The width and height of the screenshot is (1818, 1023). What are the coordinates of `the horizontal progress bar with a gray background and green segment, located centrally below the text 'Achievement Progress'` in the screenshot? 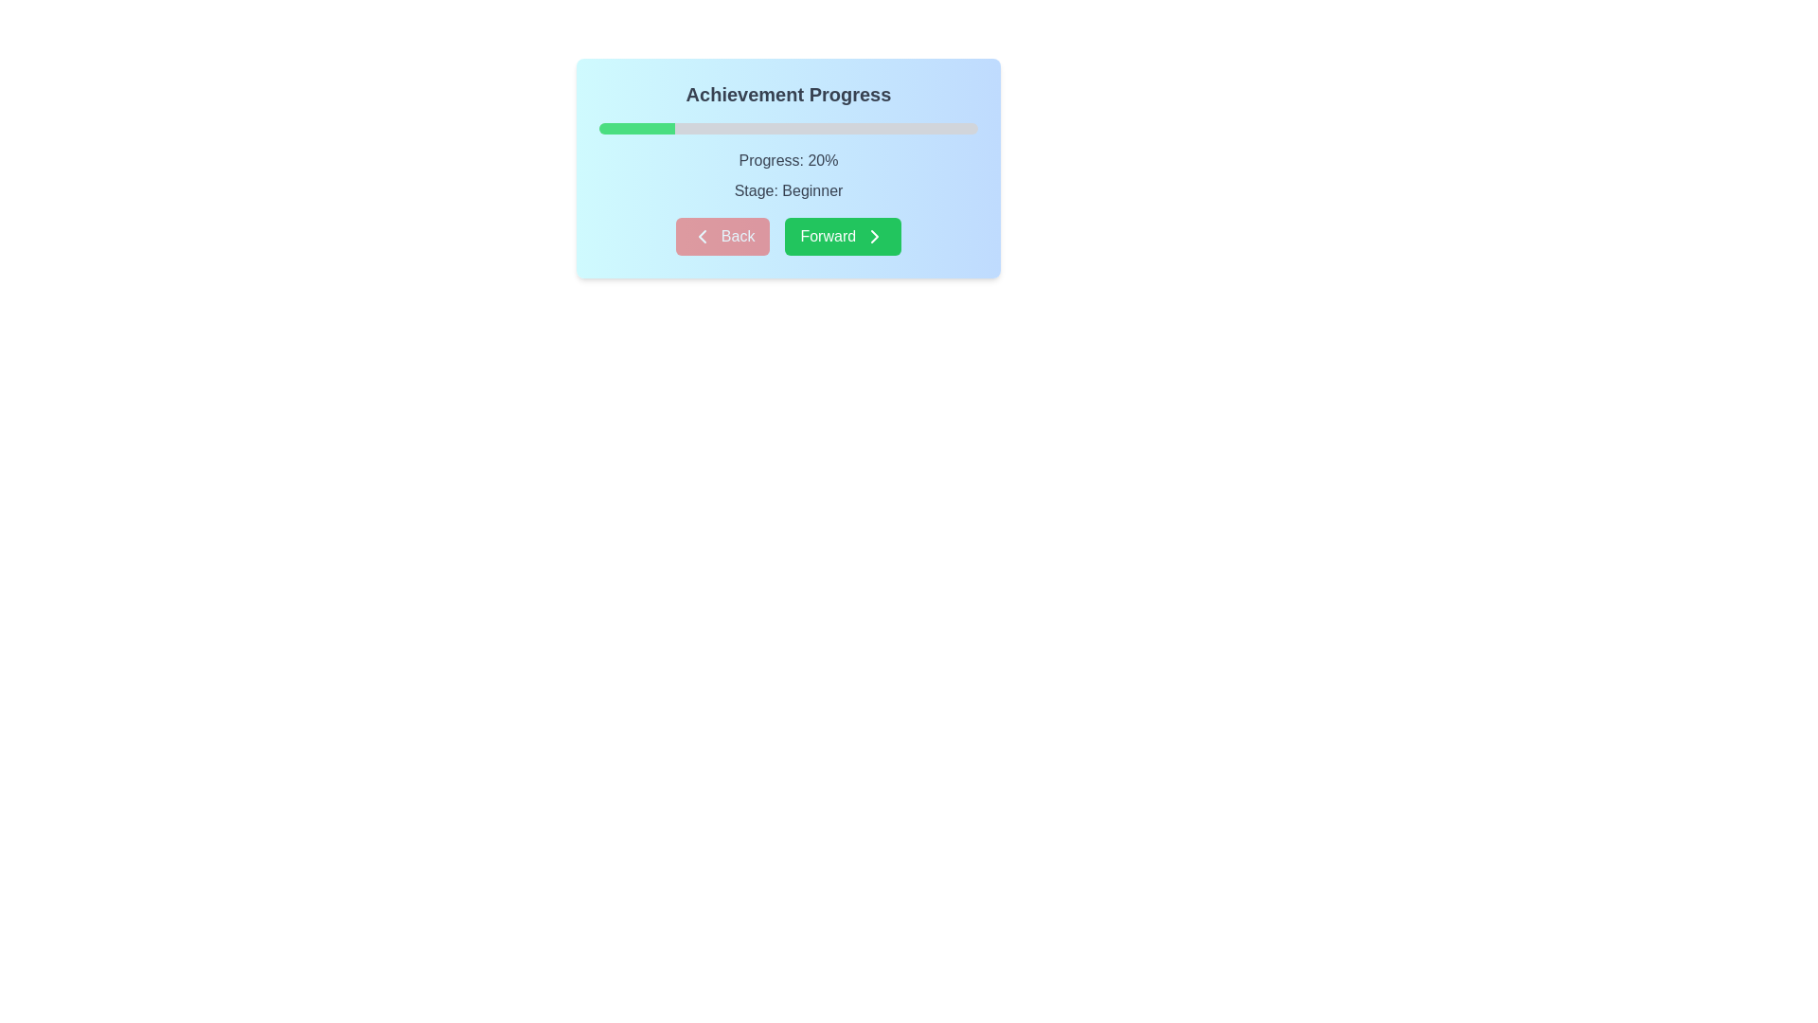 It's located at (789, 128).